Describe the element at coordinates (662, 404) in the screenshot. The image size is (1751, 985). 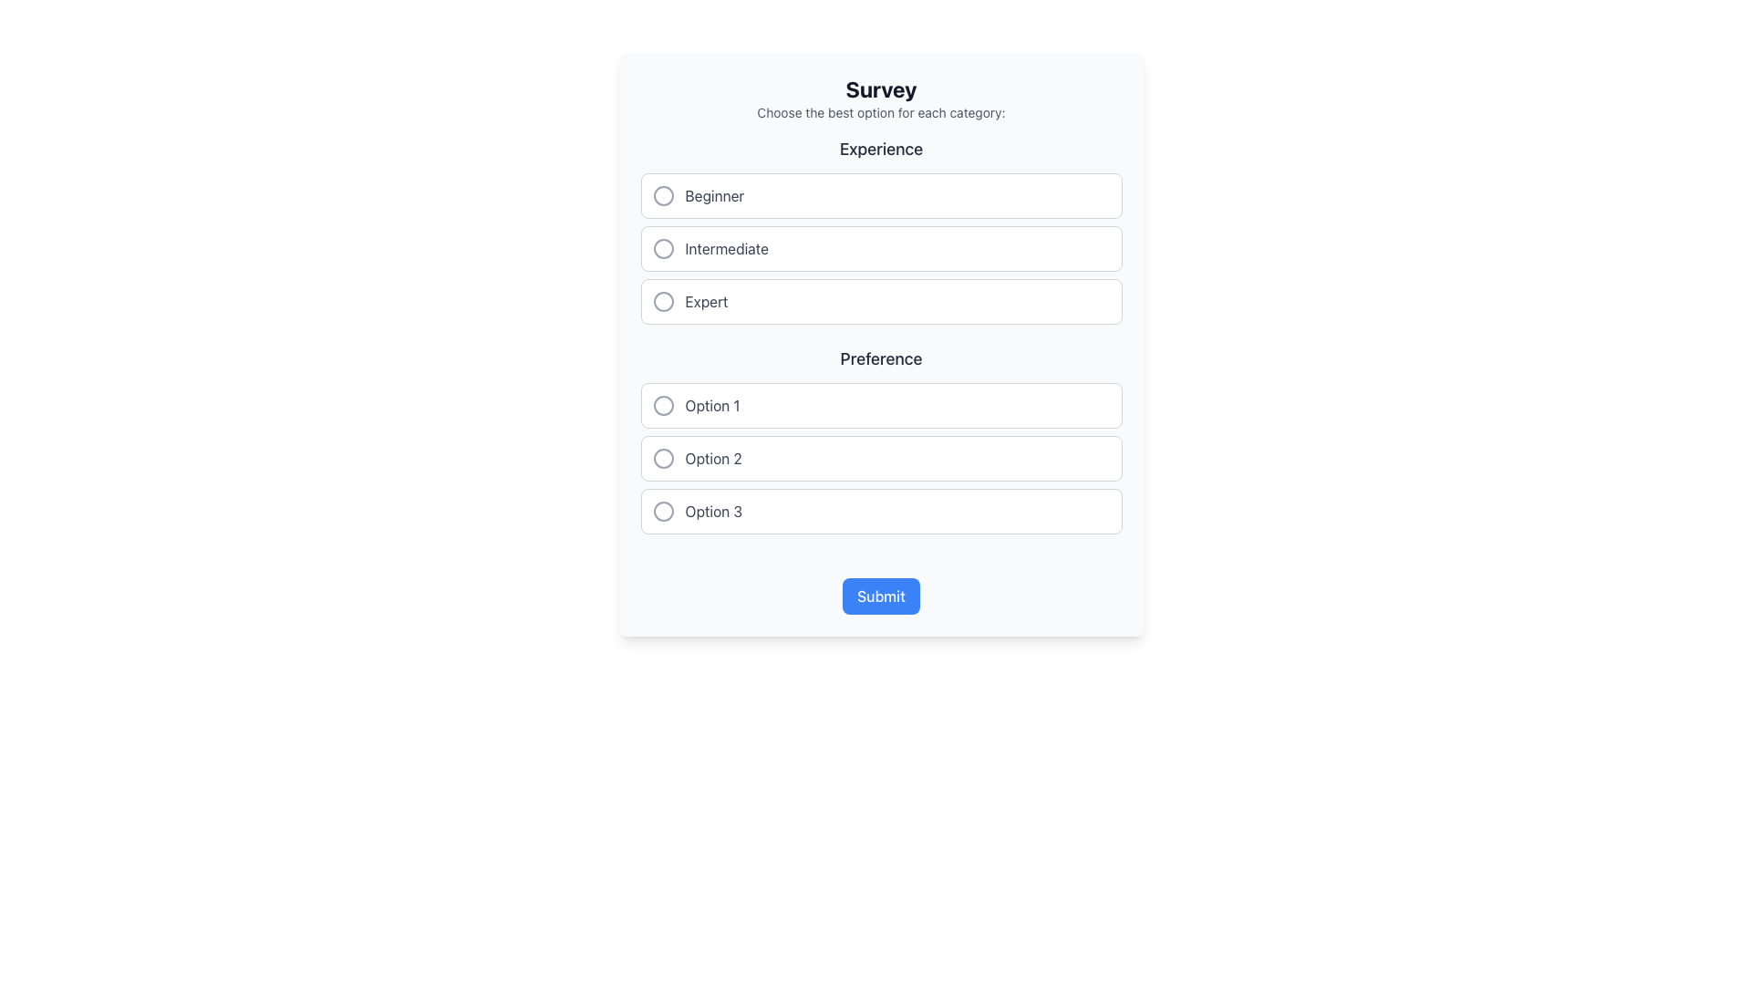
I see `the circular radio button icon located in the 'Preference' section of the survey interface, adjacent to 'Option 1' for highlighting` at that location.